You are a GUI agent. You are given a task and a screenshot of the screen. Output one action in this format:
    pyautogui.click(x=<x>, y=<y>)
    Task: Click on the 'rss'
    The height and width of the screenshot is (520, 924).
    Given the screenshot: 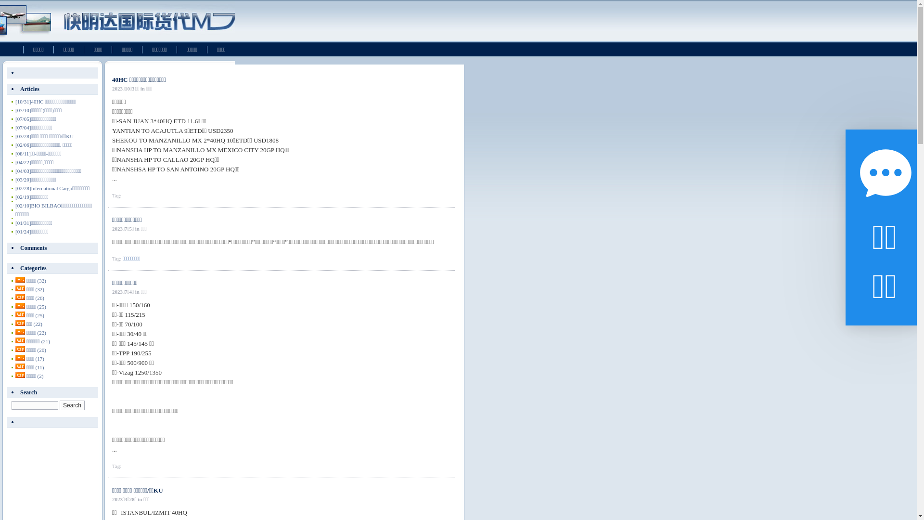 What is the action you would take?
    pyautogui.click(x=20, y=375)
    